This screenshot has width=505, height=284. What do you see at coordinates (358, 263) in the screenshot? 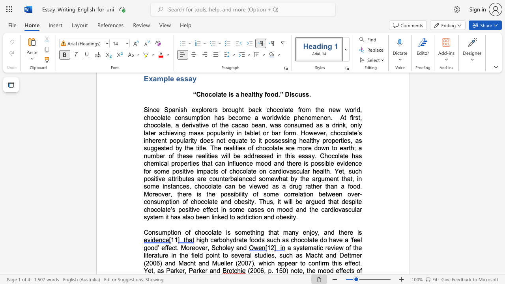
I see `the subset text "t. Yet, as Parker," within the text "this effect. Yet, as Parker, Parker and"` at bounding box center [358, 263].